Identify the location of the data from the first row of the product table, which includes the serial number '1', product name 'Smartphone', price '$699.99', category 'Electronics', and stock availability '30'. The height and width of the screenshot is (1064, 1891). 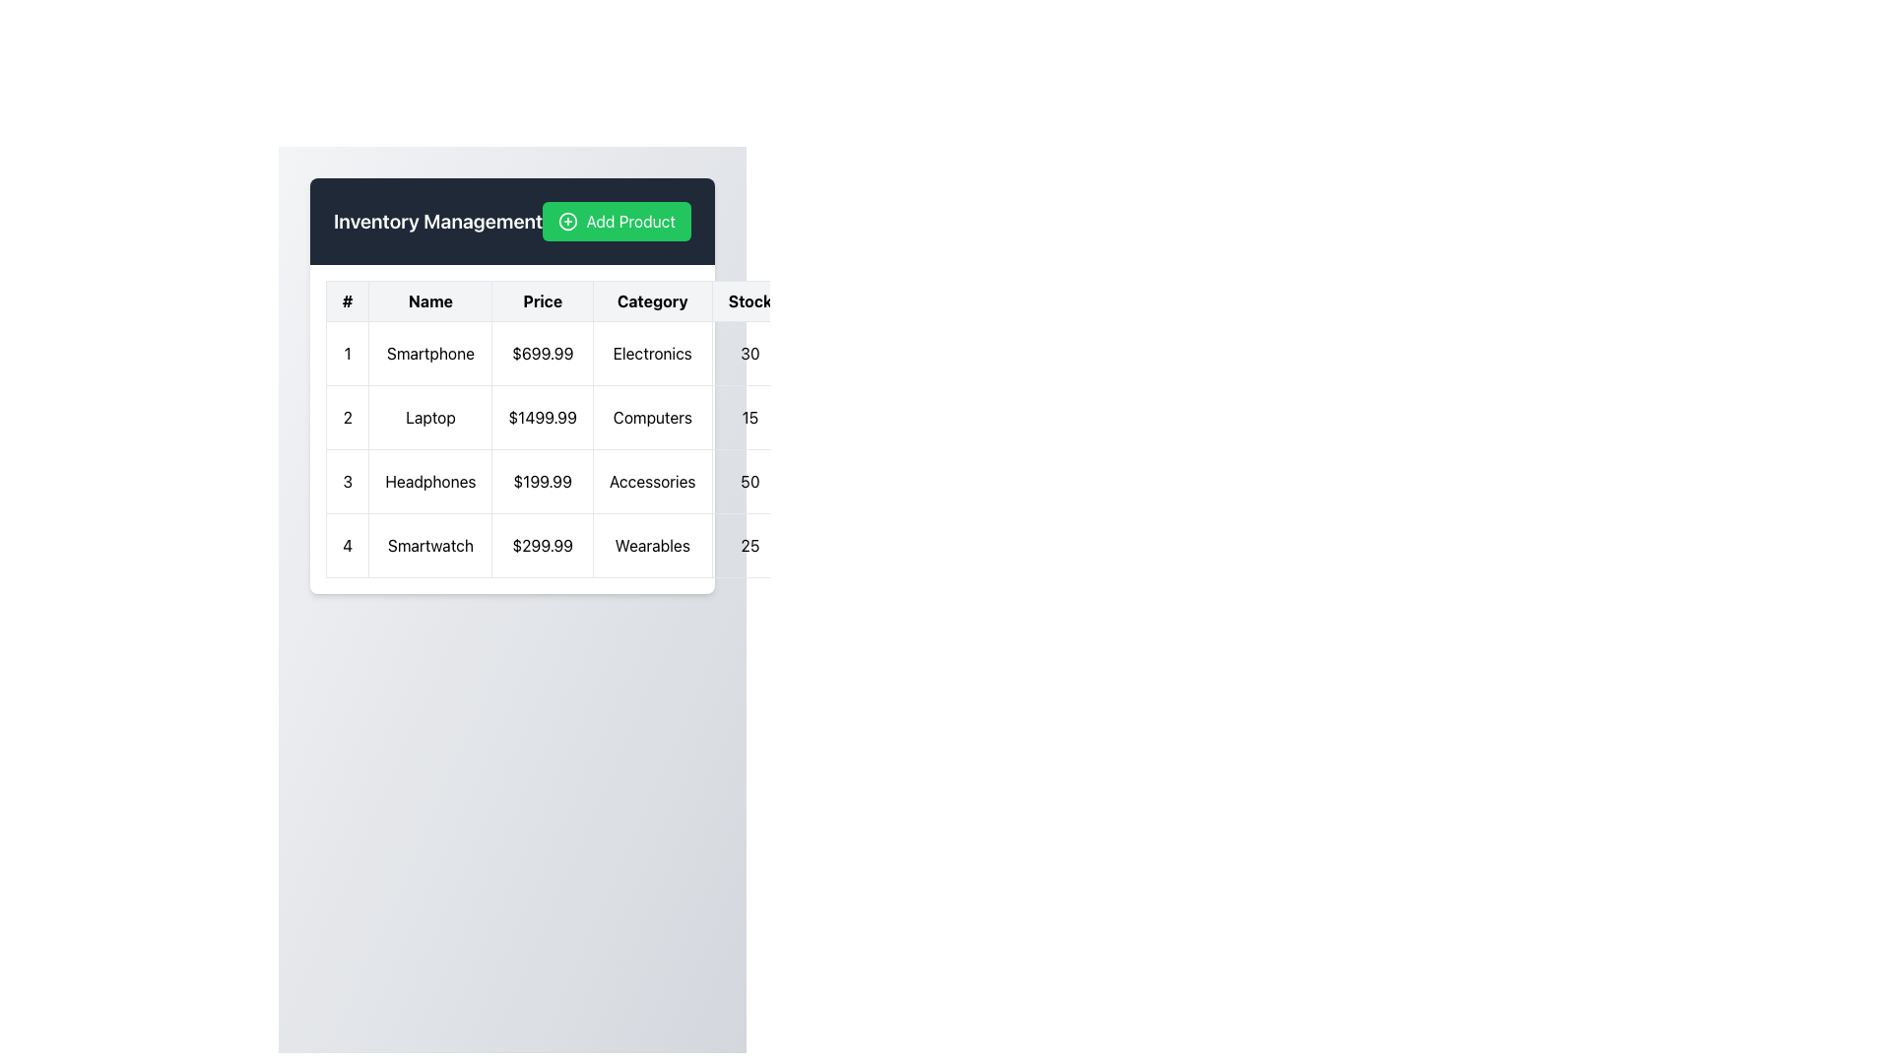
(602, 352).